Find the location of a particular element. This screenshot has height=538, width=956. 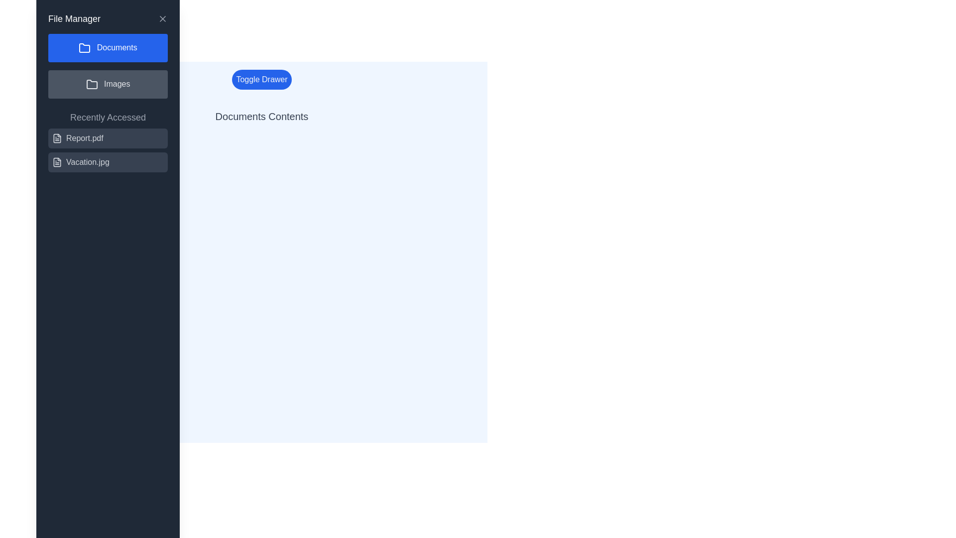

the rounded rectangular button labeled 'Toggle Drawer' with a blue background and white text is located at coordinates (262, 79).